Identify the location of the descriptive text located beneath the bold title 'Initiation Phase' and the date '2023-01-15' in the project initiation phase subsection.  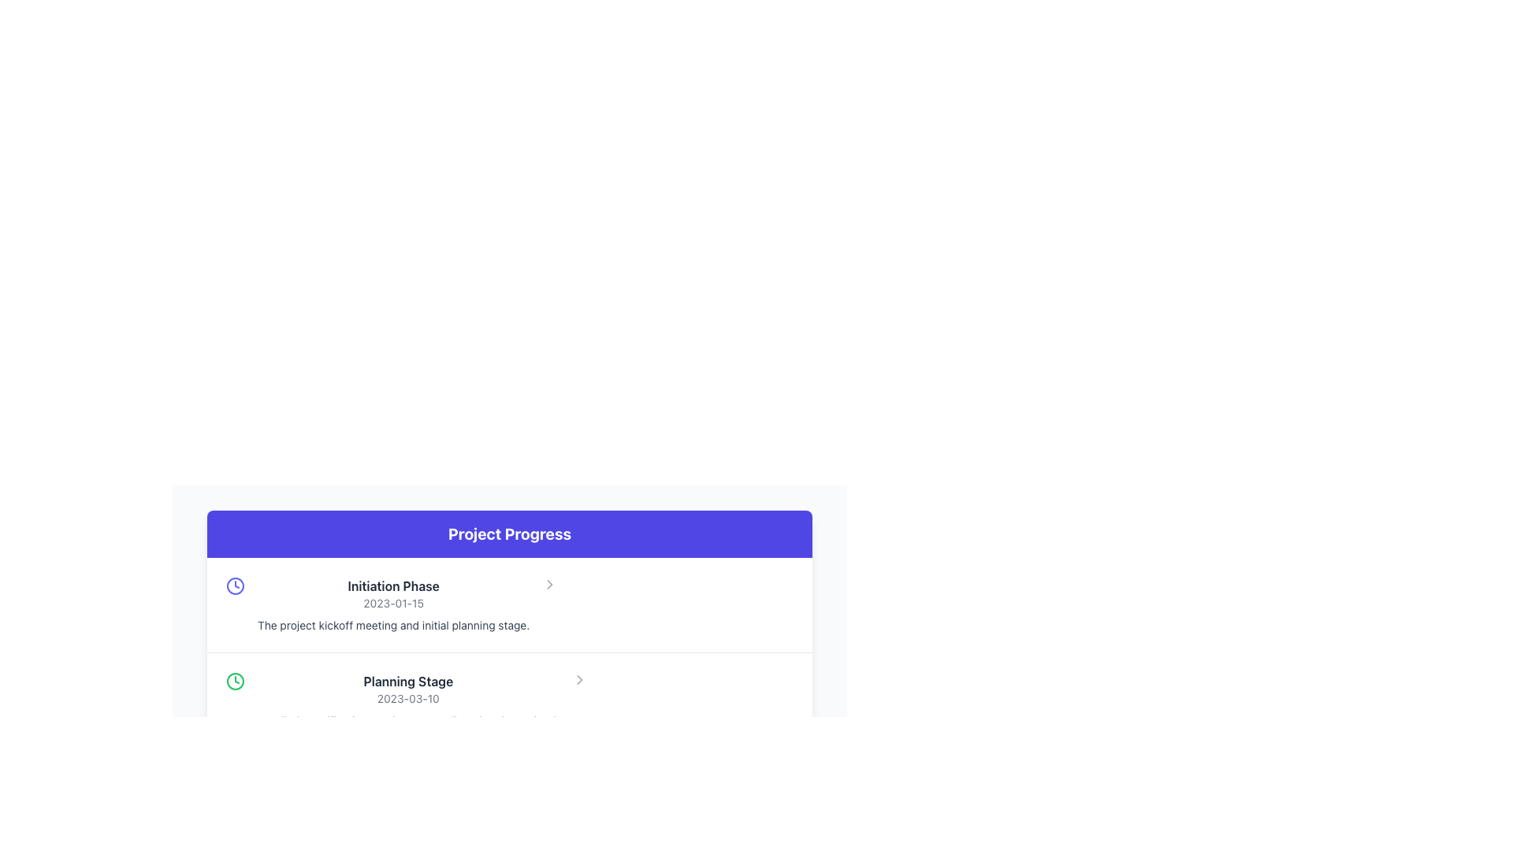
(393, 625).